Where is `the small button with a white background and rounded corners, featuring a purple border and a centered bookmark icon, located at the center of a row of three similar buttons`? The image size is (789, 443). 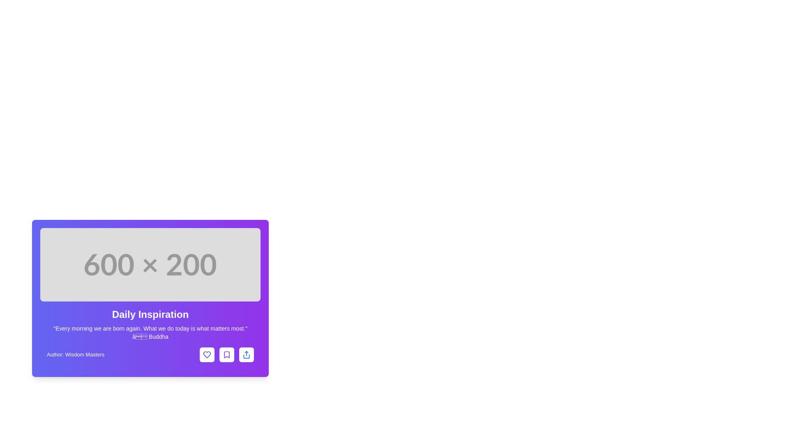 the small button with a white background and rounded corners, featuring a purple border and a centered bookmark icon, located at the center of a row of three similar buttons is located at coordinates (227, 354).